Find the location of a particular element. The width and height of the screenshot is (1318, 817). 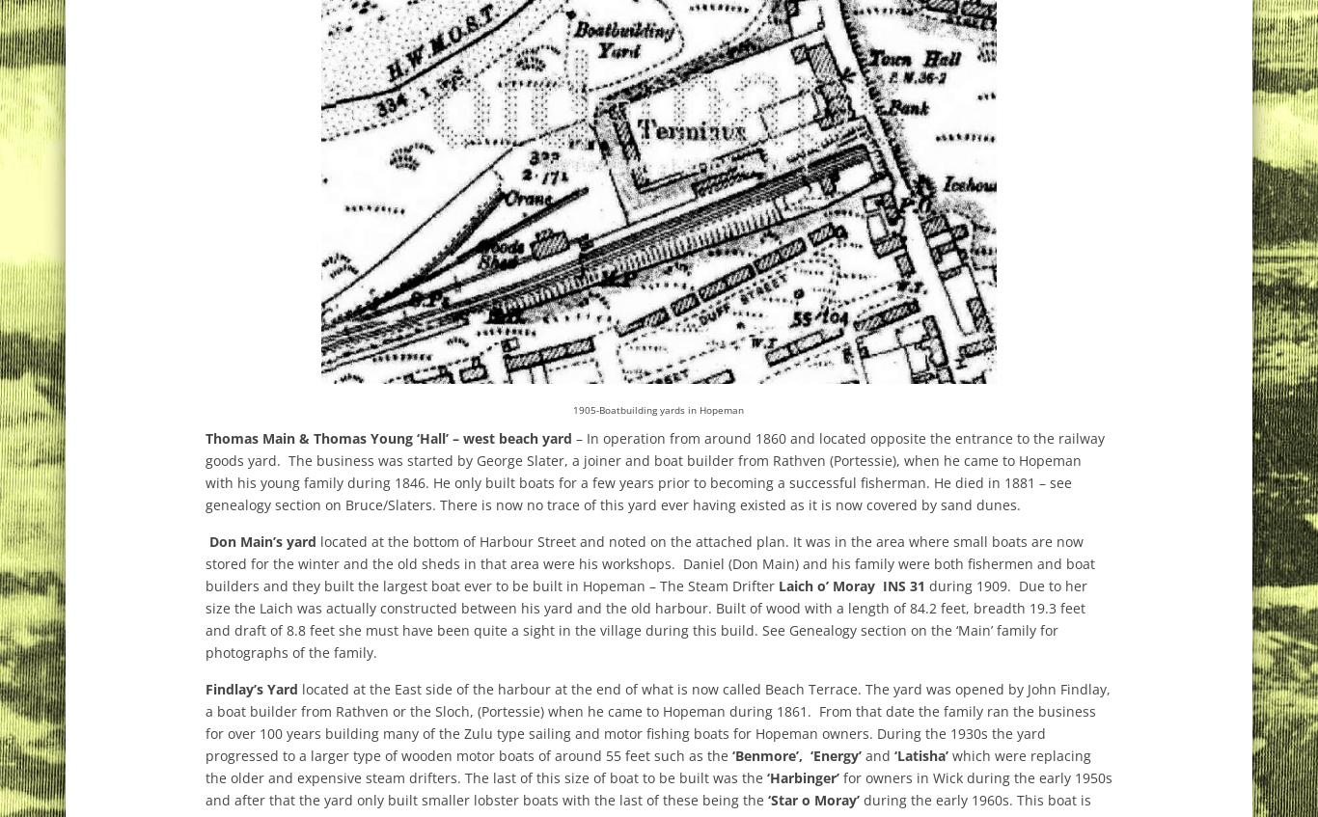

'Don Main’s yard' is located at coordinates (261, 541).